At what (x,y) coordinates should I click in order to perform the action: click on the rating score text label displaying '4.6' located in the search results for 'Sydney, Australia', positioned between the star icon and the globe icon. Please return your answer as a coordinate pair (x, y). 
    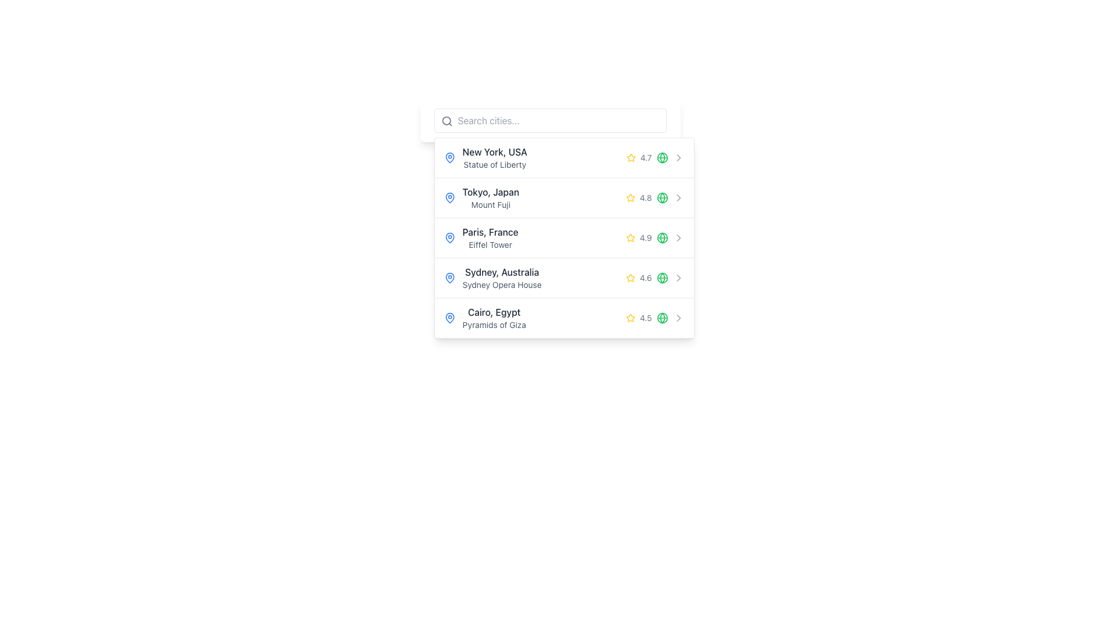
    Looking at the image, I should click on (646, 278).